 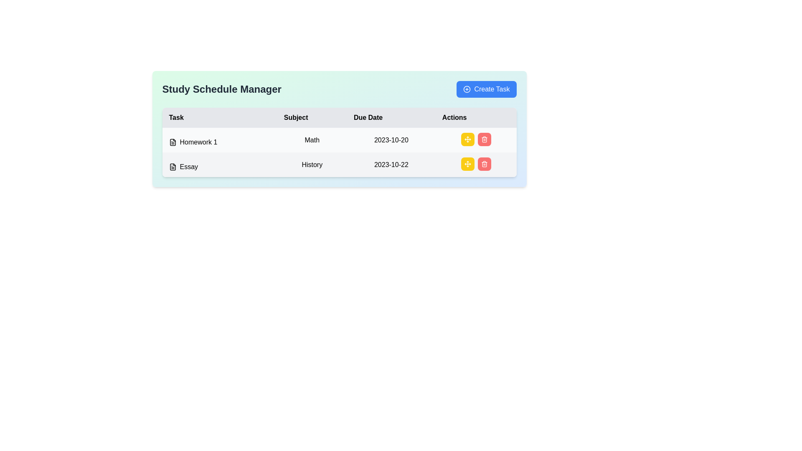 What do you see at coordinates (339, 139) in the screenshot?
I see `the first row of the task table displaying 'Homework 1' to enable contextual interaction` at bounding box center [339, 139].